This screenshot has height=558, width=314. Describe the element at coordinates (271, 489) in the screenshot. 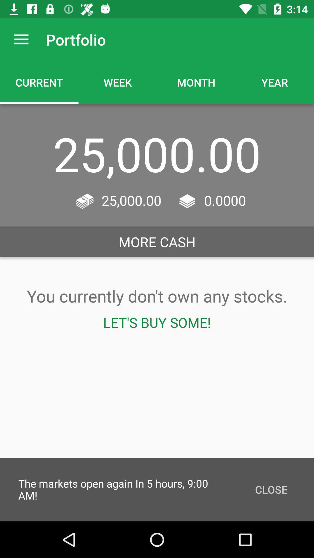

I see `the close` at that location.